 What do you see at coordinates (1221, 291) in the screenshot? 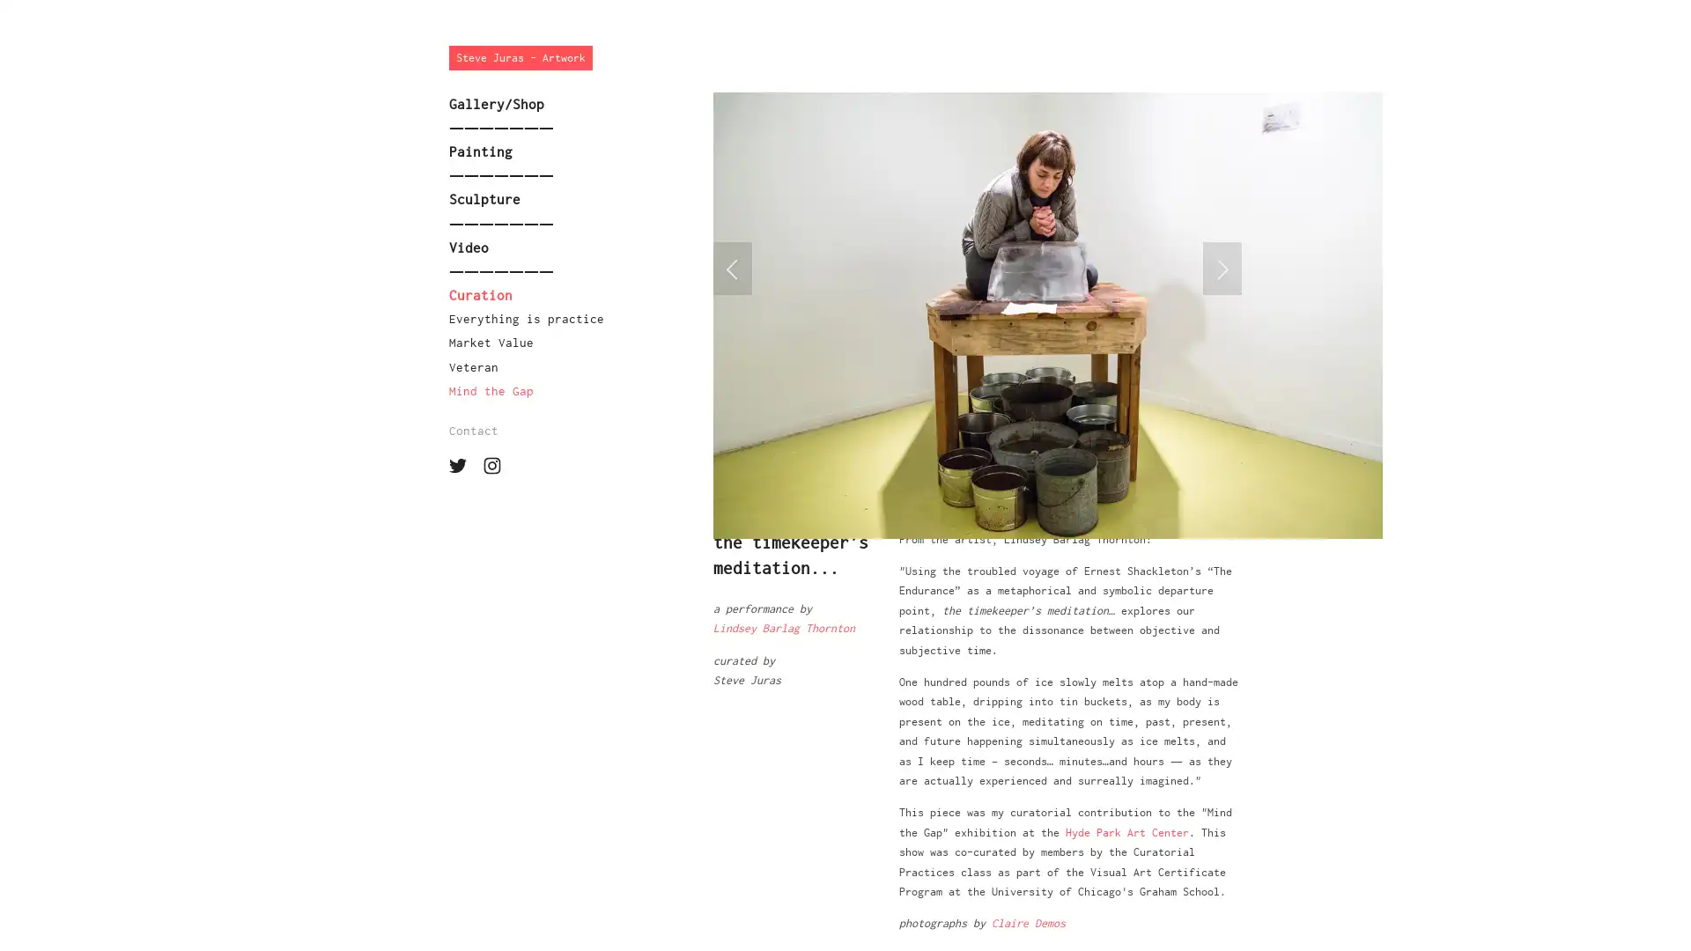
I see `Next Slide` at bounding box center [1221, 291].